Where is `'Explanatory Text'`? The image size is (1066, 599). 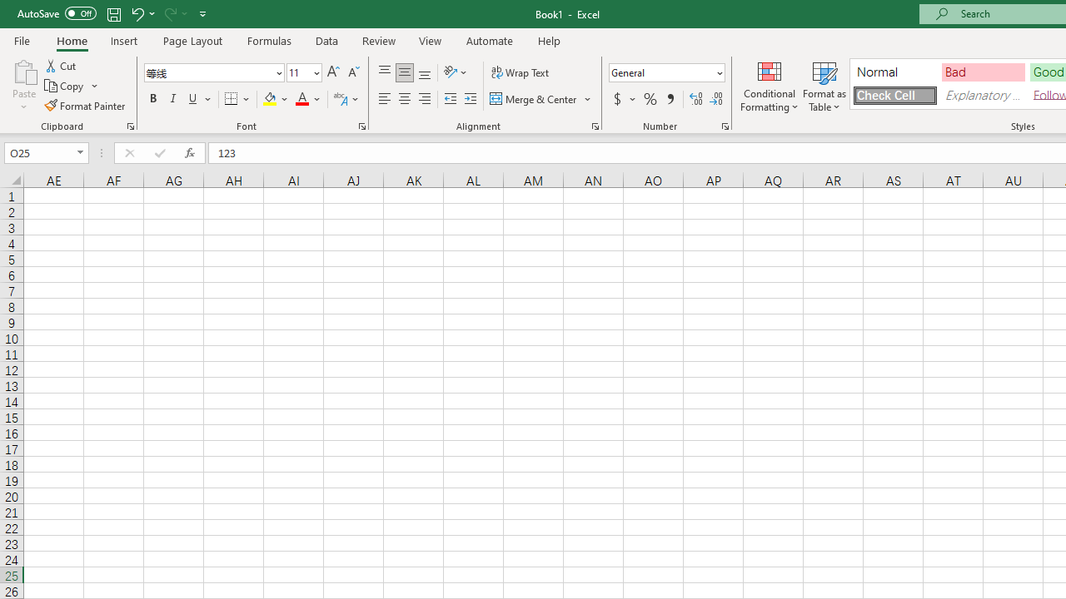
'Explanatory Text' is located at coordinates (983, 95).